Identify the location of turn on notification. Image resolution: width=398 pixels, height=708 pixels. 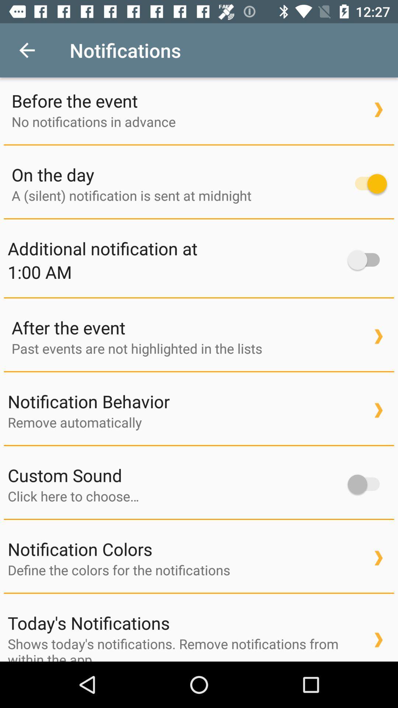
(367, 260).